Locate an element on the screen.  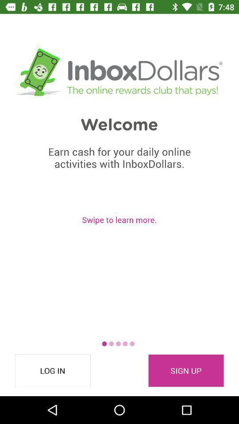
the log in is located at coordinates (53, 371).